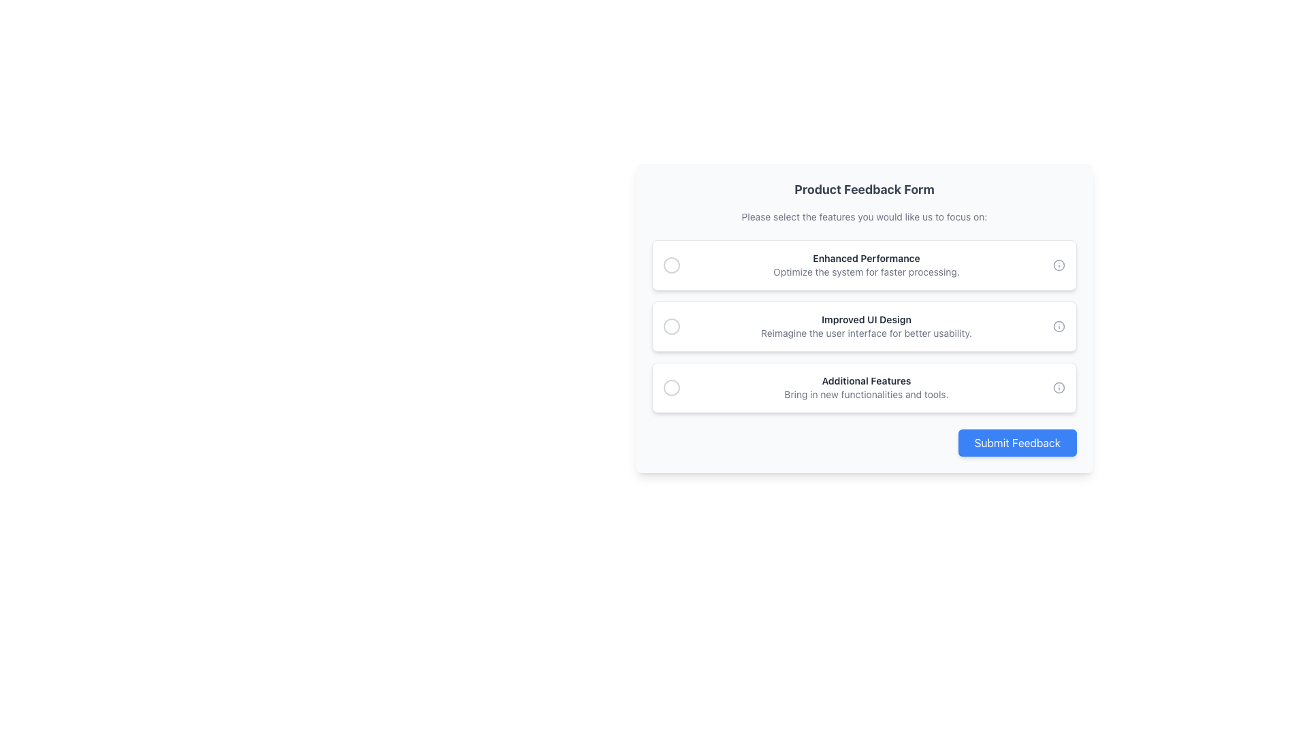  Describe the element at coordinates (865, 320) in the screenshot. I see `text label that serves as the title for the option to improve the user interface design, located above the description 'Reimagine the user interface for better usability.'` at that location.